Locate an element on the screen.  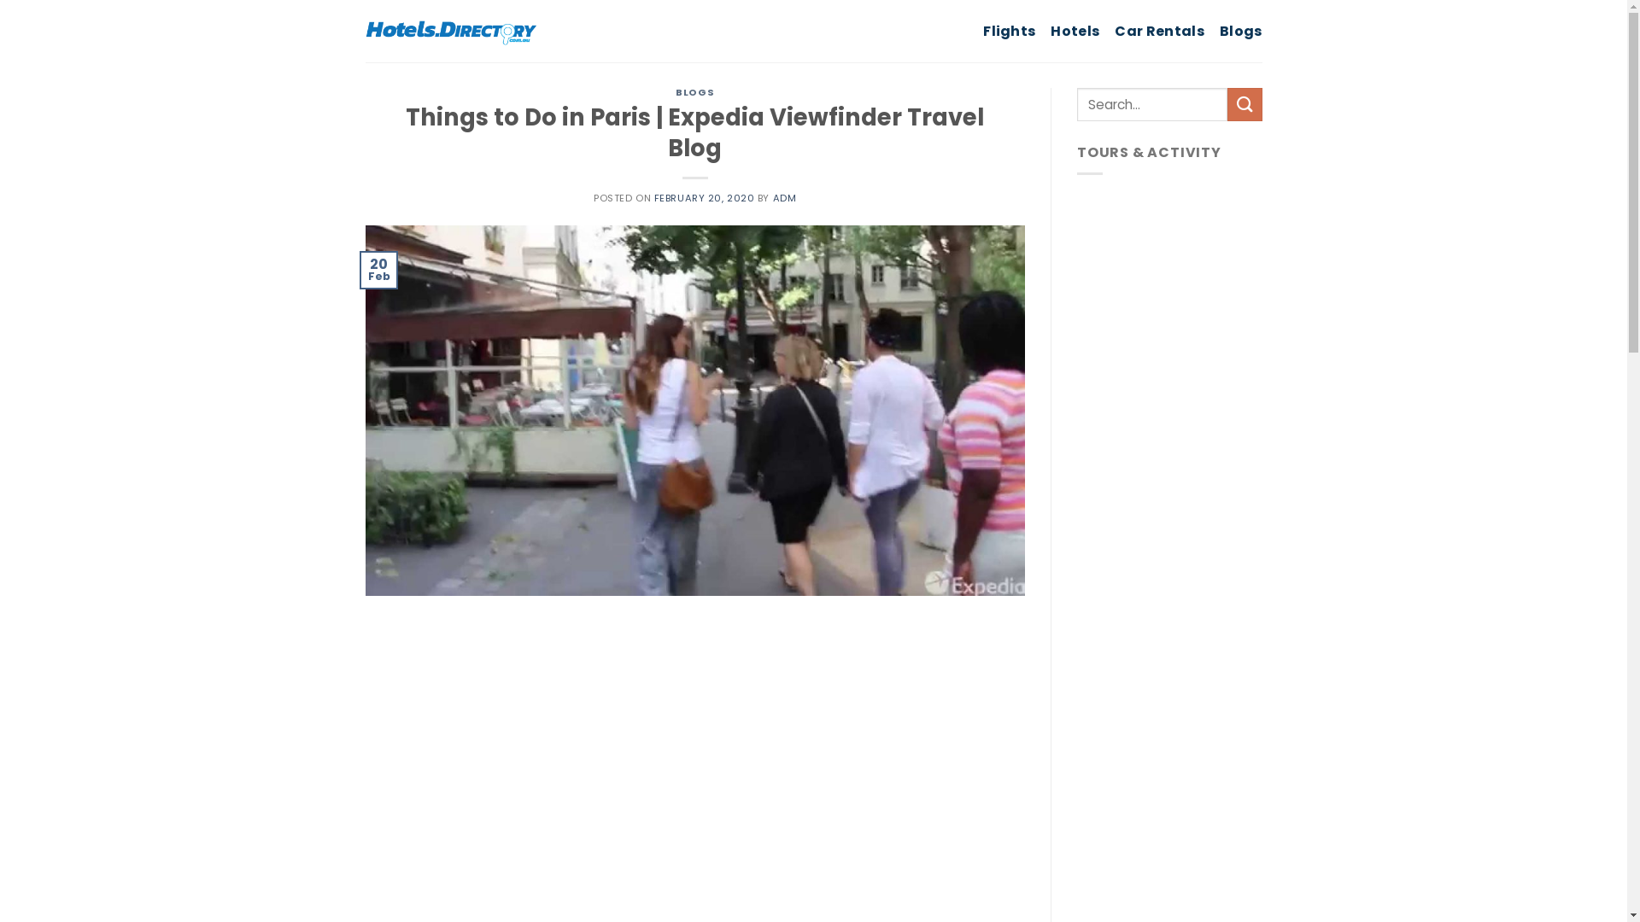
'Flights' is located at coordinates (983, 30).